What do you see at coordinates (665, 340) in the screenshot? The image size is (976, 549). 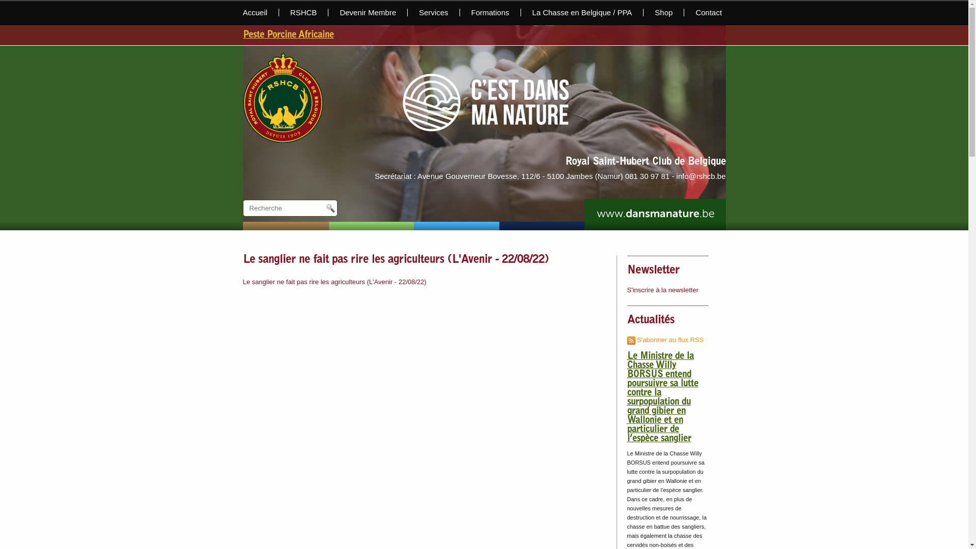 I see `'S'abonner au flux RSS'` at bounding box center [665, 340].